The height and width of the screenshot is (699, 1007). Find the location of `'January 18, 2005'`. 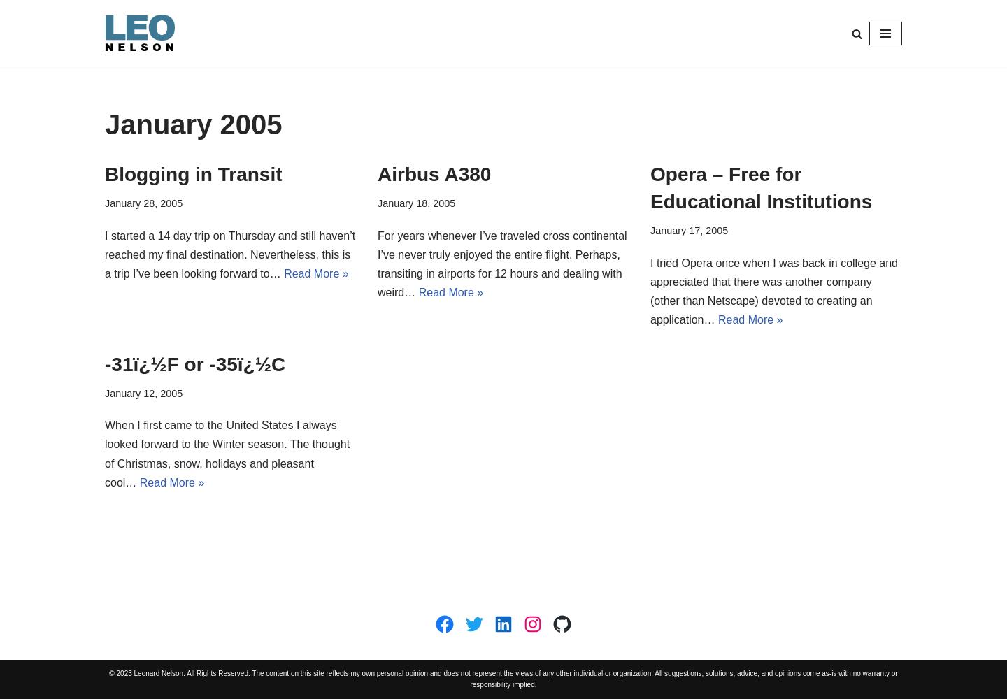

'January 18, 2005' is located at coordinates (377, 203).